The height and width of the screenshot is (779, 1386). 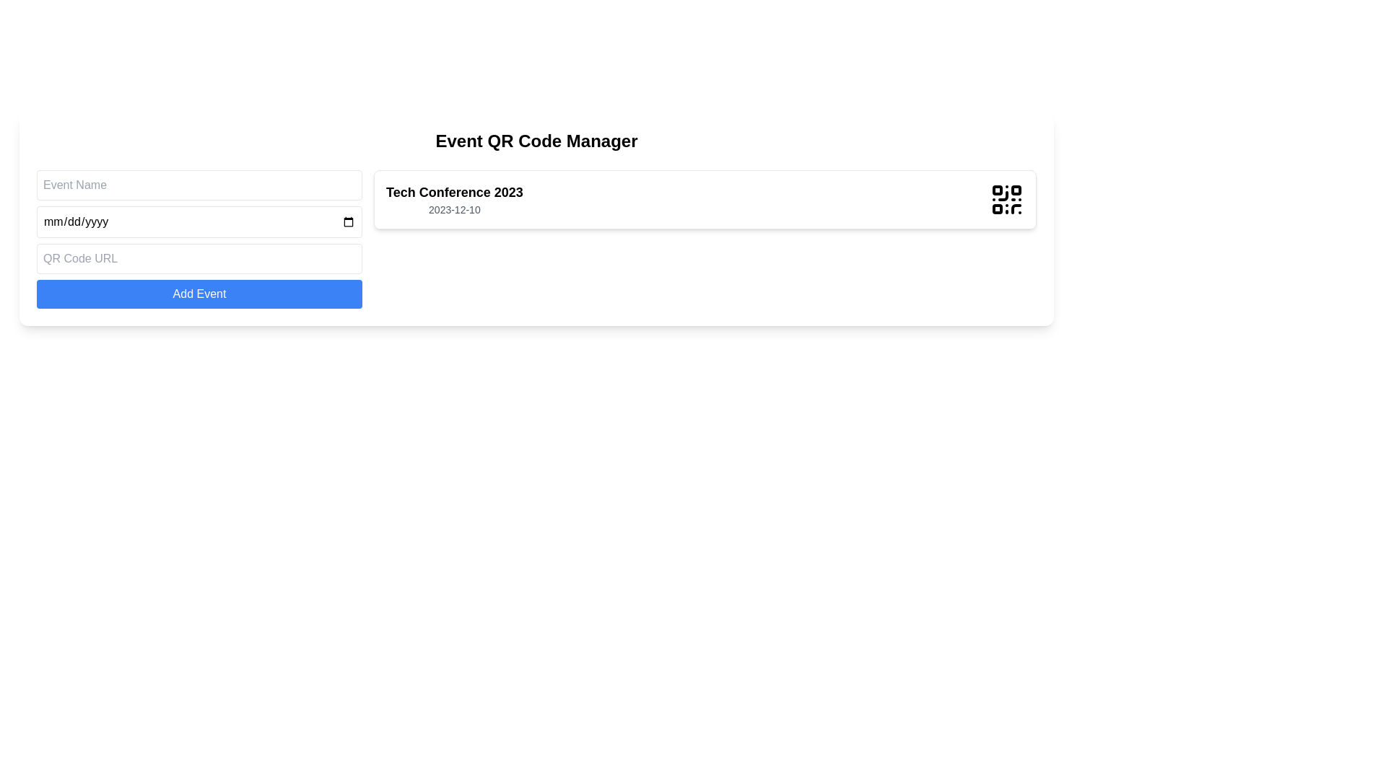 What do you see at coordinates (453, 209) in the screenshot?
I see `the text label displaying '2023-12-10' located below 'Tech Conference 2023'` at bounding box center [453, 209].